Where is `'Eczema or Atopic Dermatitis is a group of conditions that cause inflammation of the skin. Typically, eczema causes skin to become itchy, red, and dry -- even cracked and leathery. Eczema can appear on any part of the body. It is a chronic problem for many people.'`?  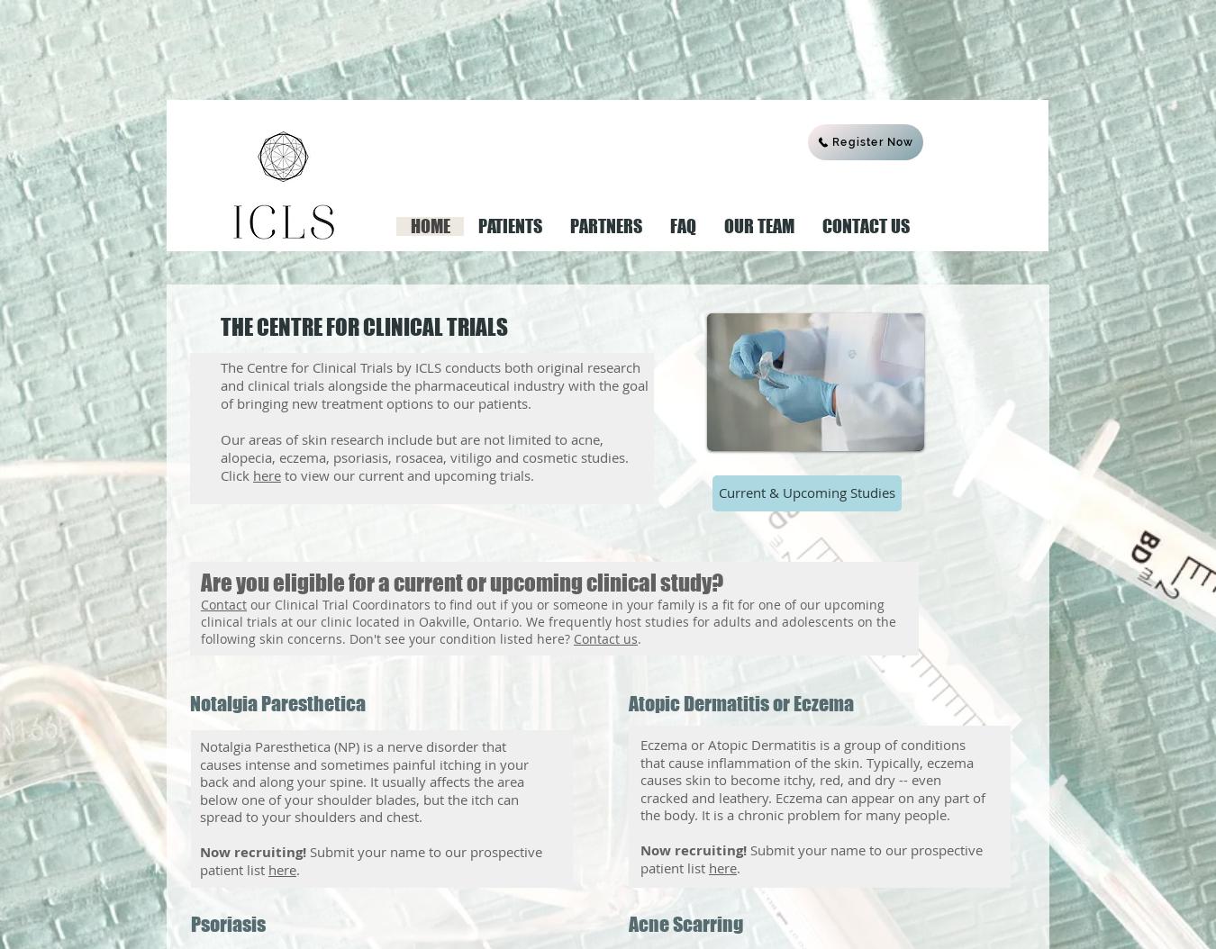 'Eczema or Atopic Dermatitis is a group of conditions that cause inflammation of the skin. Typically, eczema causes skin to become itchy, red, and dry -- even cracked and leathery. Eczema can appear on any part of the body. It is a chronic problem for many people.' is located at coordinates (812, 779).